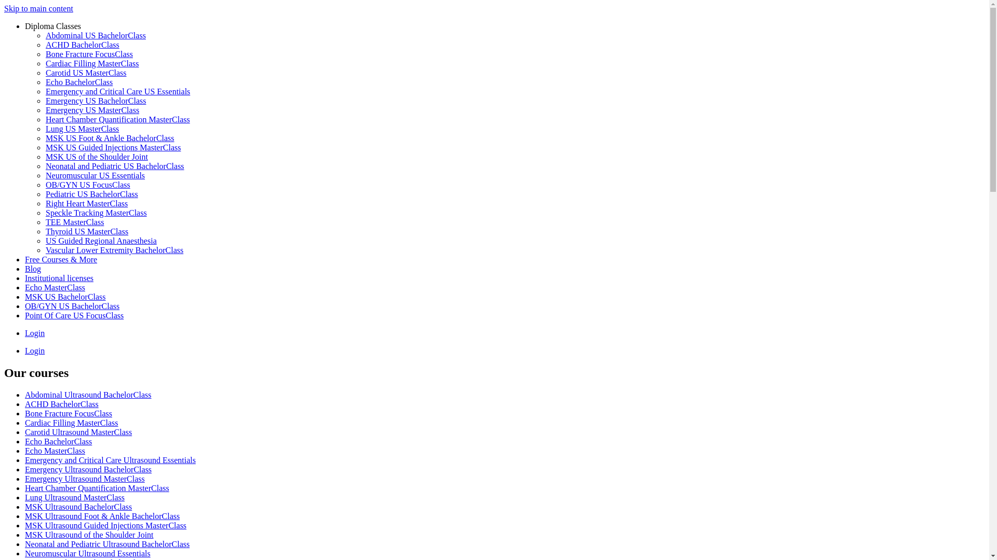  Describe the element at coordinates (85, 479) in the screenshot. I see `'Emergency Ultrasound MasterClass'` at that location.